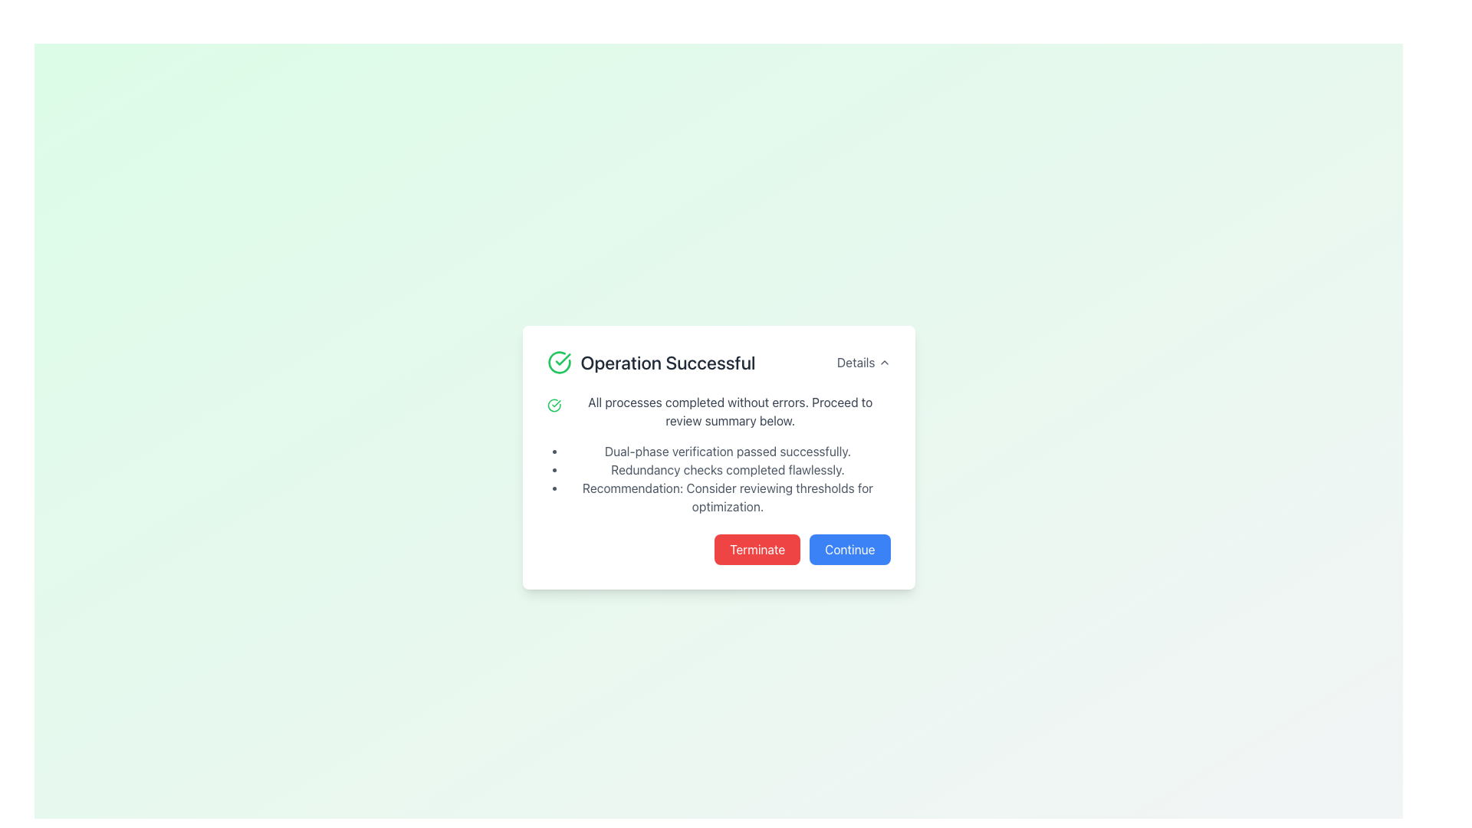 The height and width of the screenshot is (828, 1472). What do you see at coordinates (718, 454) in the screenshot?
I see `text content from the text block that states 'All processes completed without errors. Proceed to review summary below.' and includes a bulleted list of additional details` at bounding box center [718, 454].